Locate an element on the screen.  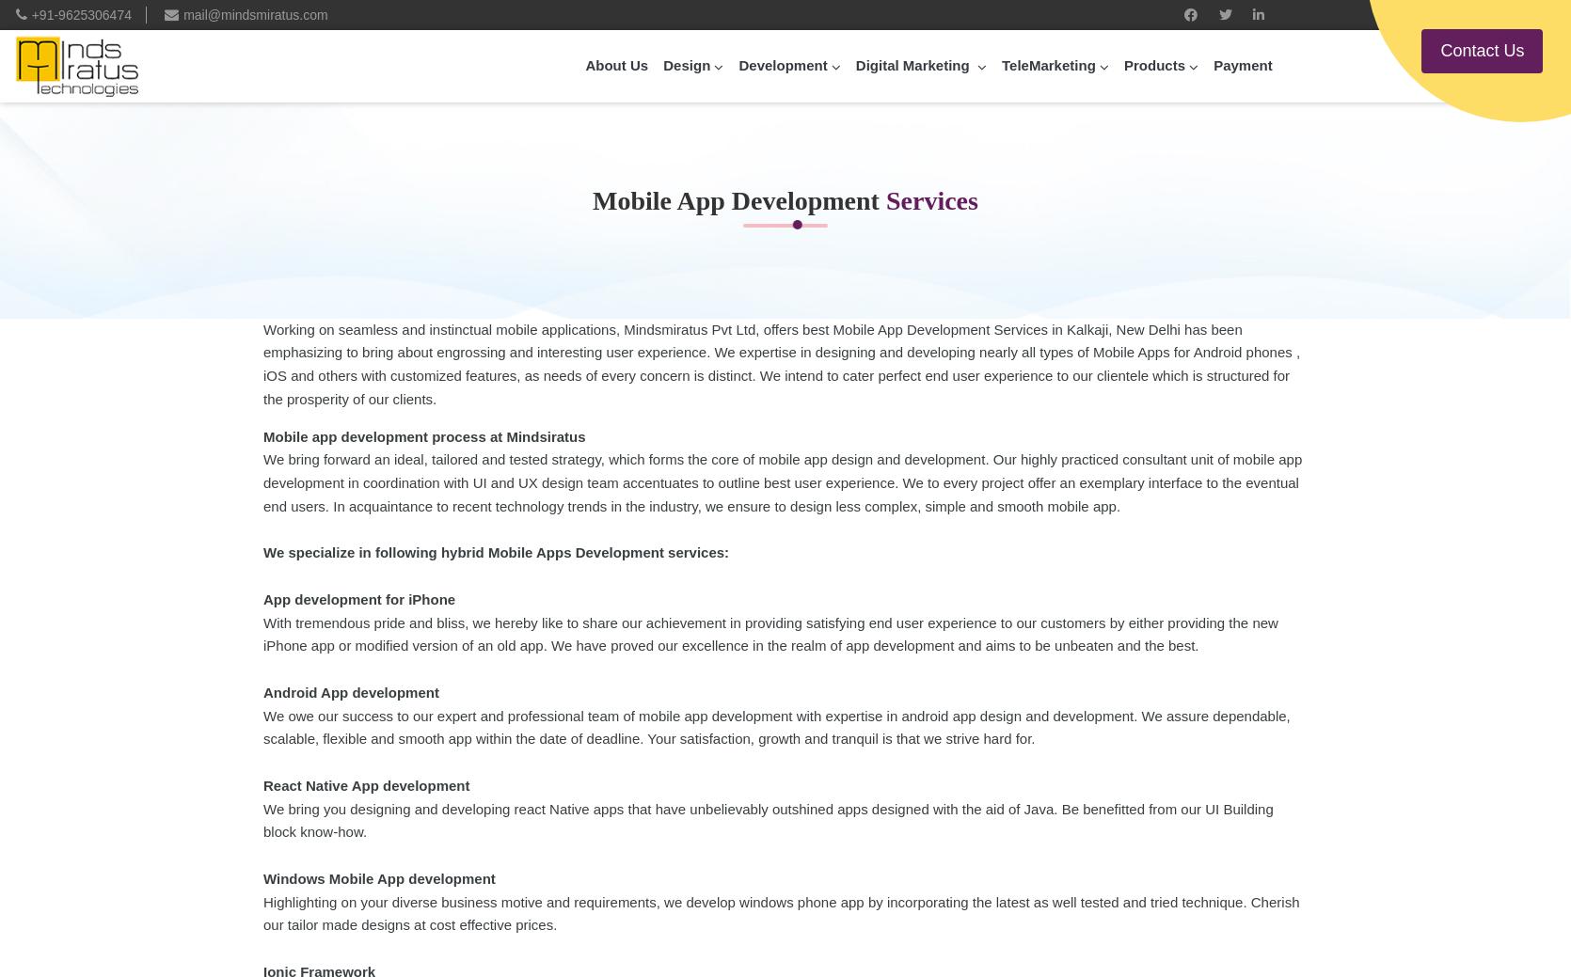
'mail@mindsmiratus.com' is located at coordinates (183, 14).